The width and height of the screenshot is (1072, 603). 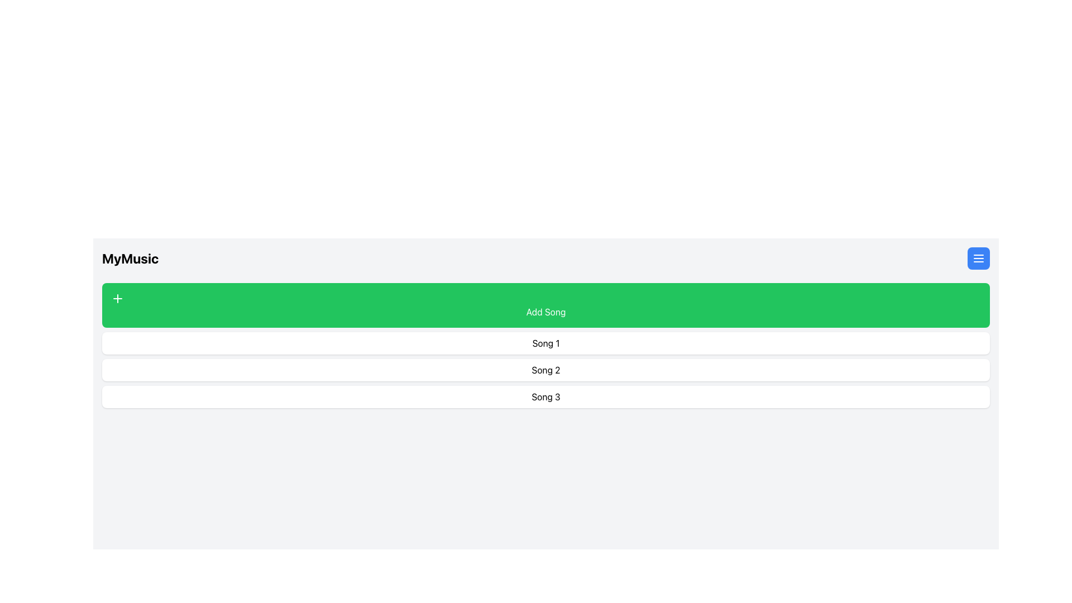 I want to click on the text display box that corresponds to 'Song 3', which is the third item in a vertically stacked list of three similar white rounded areas below the green 'Add Song' button, so click(x=546, y=396).